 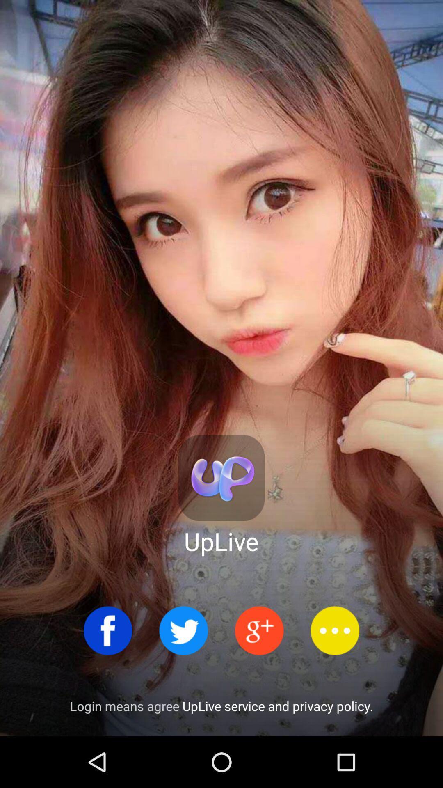 What do you see at coordinates (107, 630) in the screenshot?
I see `the facebook icon` at bounding box center [107, 630].